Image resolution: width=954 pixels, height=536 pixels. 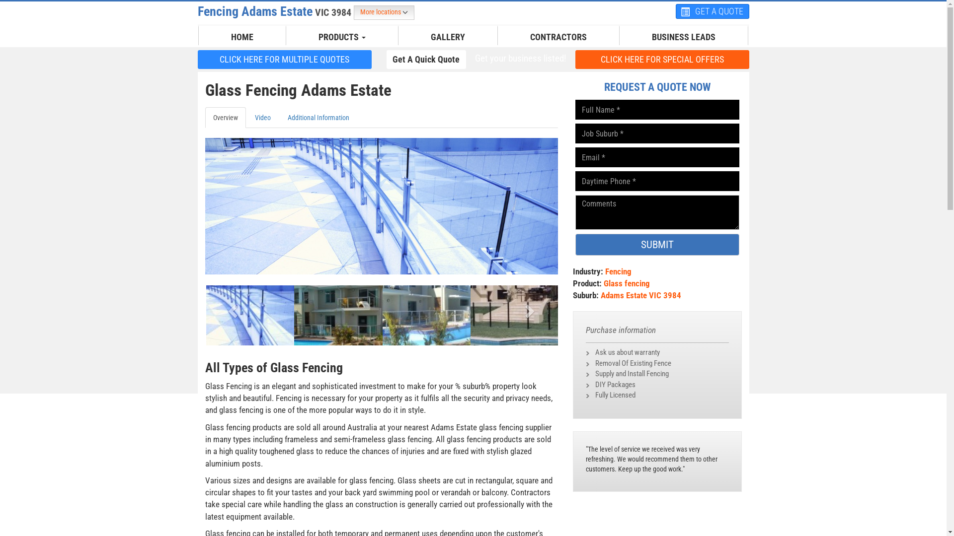 What do you see at coordinates (342, 36) in the screenshot?
I see `'PRODUCTS'` at bounding box center [342, 36].